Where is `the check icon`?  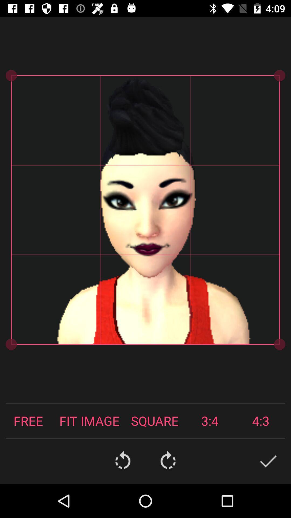 the check icon is located at coordinates (268, 461).